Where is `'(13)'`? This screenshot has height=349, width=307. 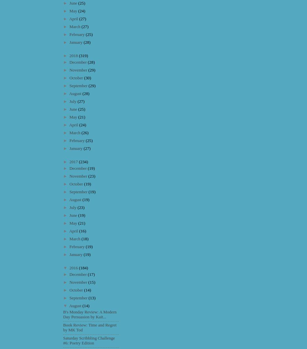 '(13)' is located at coordinates (92, 297).